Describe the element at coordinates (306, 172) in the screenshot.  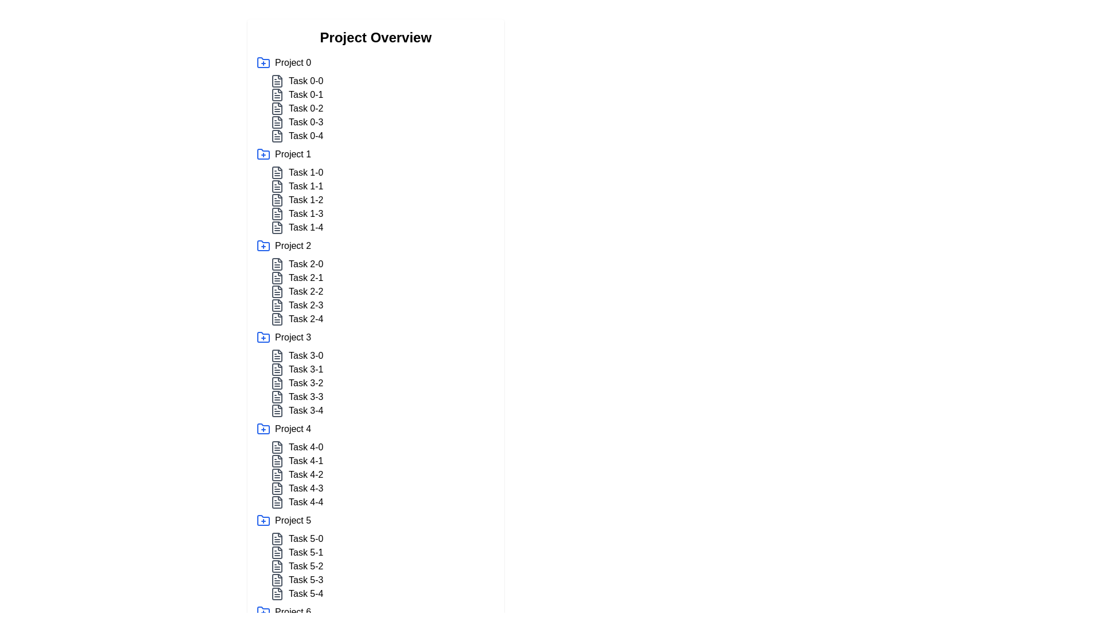
I see `the text label displaying 'Task 1-0'` at that location.